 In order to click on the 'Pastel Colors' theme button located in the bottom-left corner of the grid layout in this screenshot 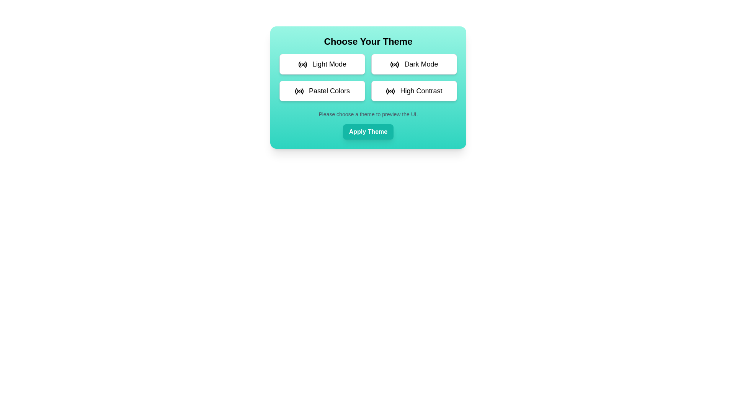, I will do `click(322, 91)`.